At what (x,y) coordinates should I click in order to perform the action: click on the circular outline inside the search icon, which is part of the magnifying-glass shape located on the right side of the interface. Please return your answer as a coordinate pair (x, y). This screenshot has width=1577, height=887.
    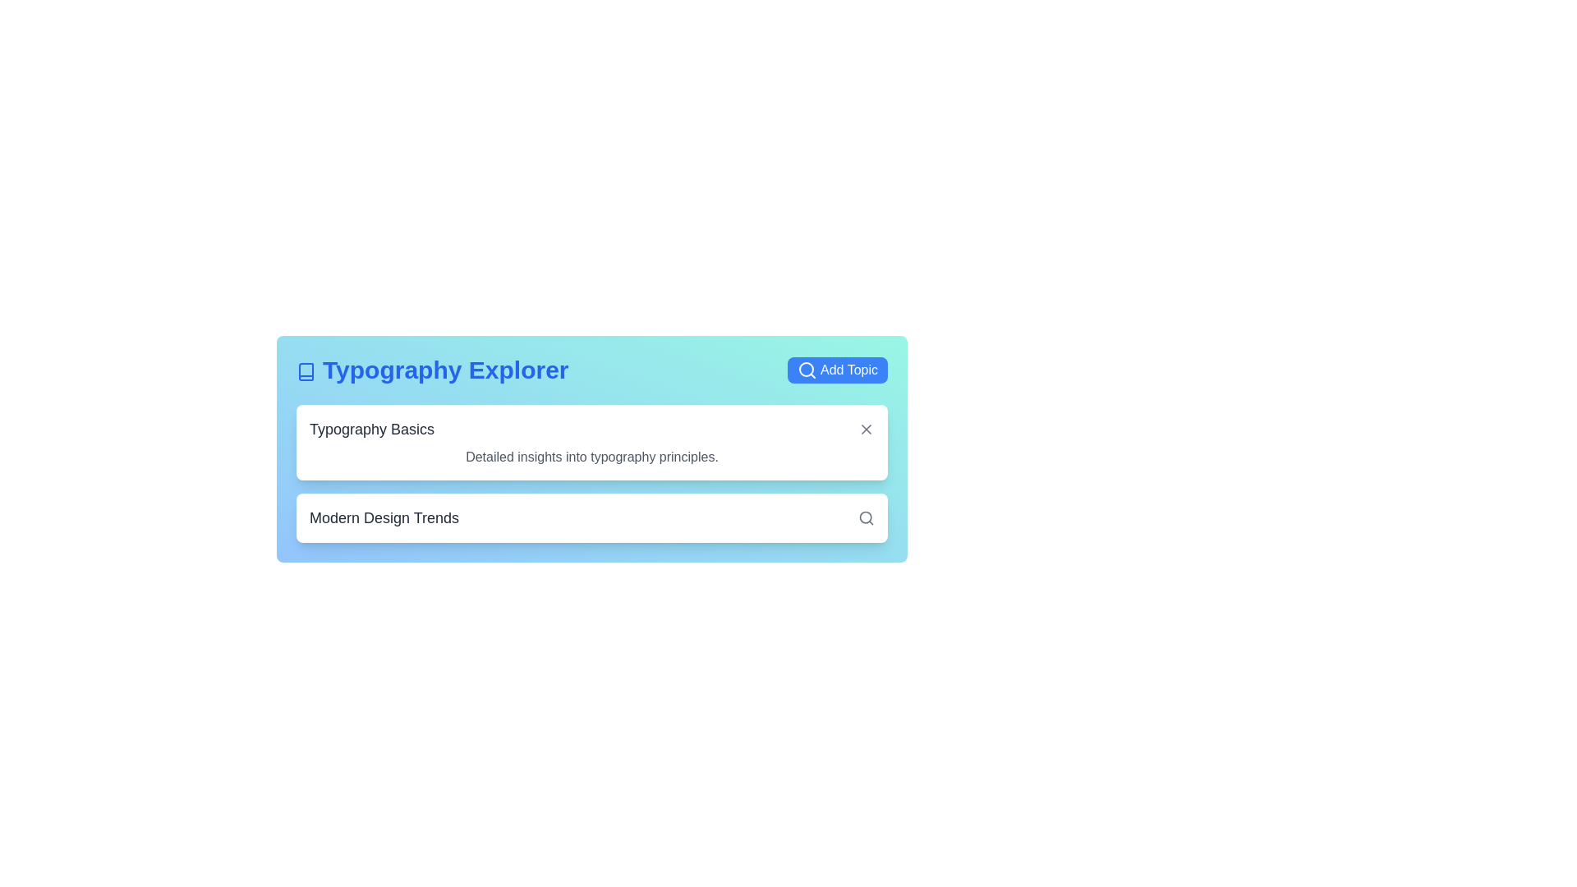
    Looking at the image, I should click on (865, 517).